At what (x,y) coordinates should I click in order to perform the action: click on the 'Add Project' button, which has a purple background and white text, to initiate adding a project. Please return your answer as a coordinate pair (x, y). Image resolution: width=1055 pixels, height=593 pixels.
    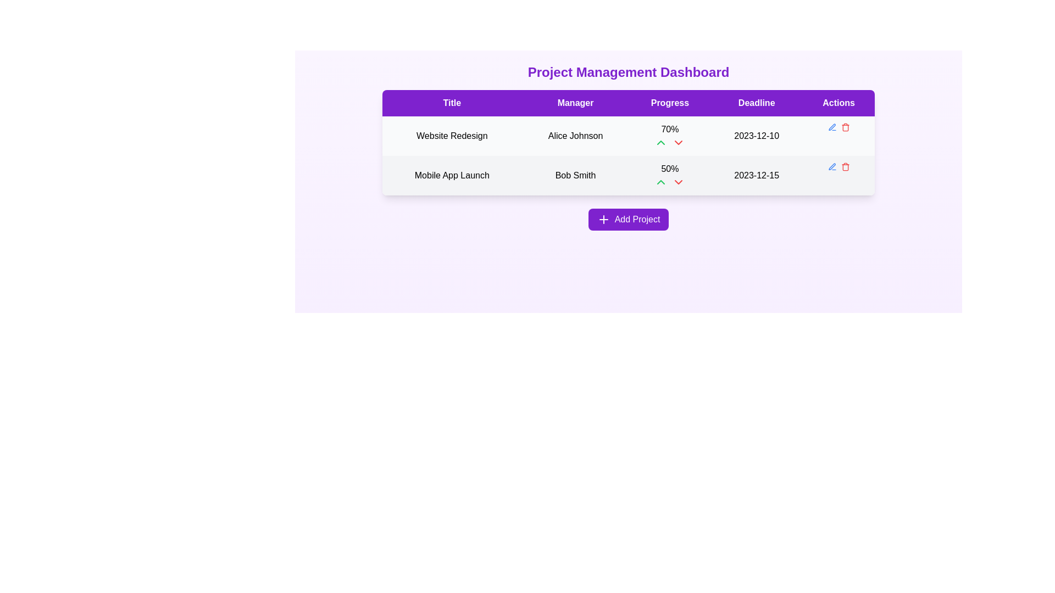
    Looking at the image, I should click on (628, 220).